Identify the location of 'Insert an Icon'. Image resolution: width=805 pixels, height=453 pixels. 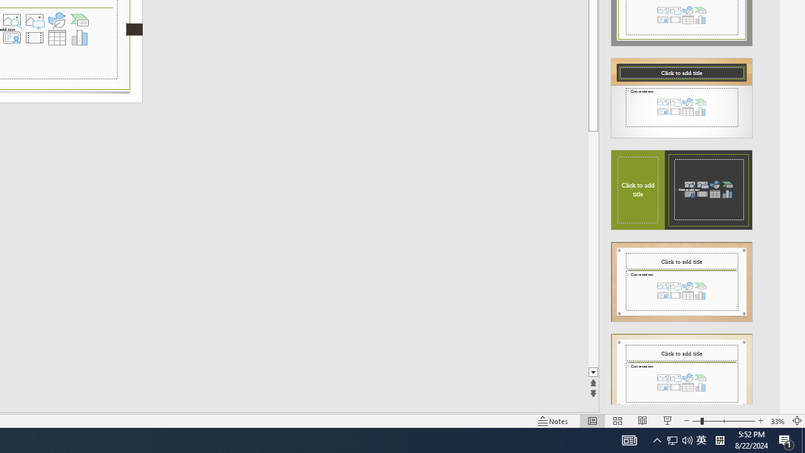
(57, 20).